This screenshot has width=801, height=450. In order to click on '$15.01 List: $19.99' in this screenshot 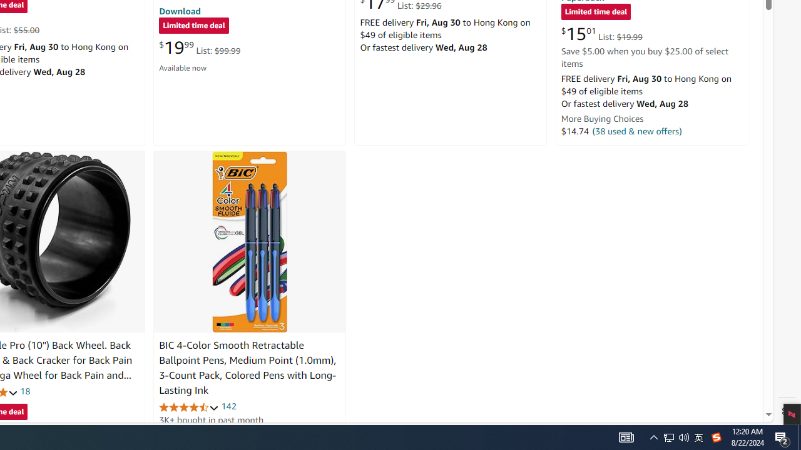, I will do `click(601, 33)`.